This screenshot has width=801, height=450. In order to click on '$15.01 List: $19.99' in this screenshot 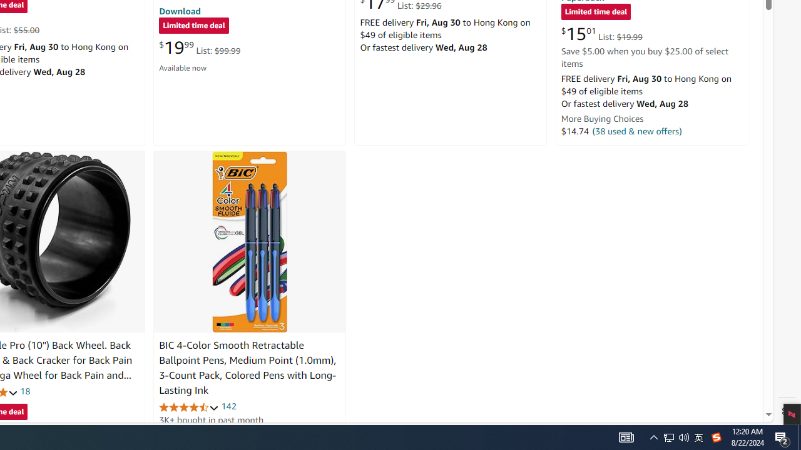, I will do `click(601, 33)`.